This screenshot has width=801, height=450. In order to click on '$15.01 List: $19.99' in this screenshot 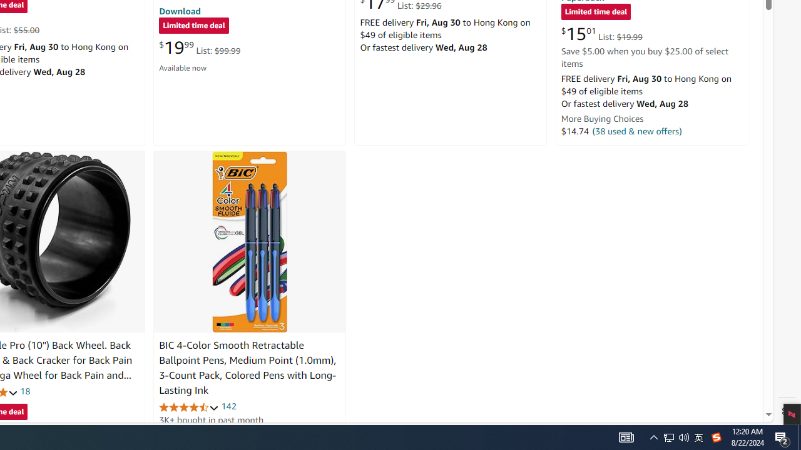, I will do `click(601, 33)`.